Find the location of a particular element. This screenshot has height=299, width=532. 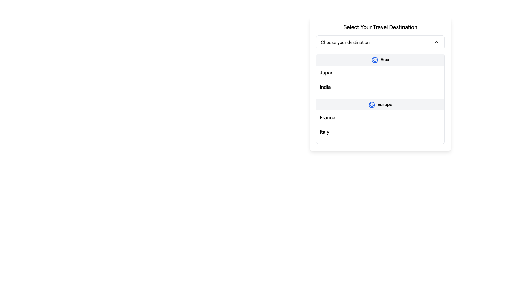

the 'Europe' text label in the dropdown list is located at coordinates (384, 104).